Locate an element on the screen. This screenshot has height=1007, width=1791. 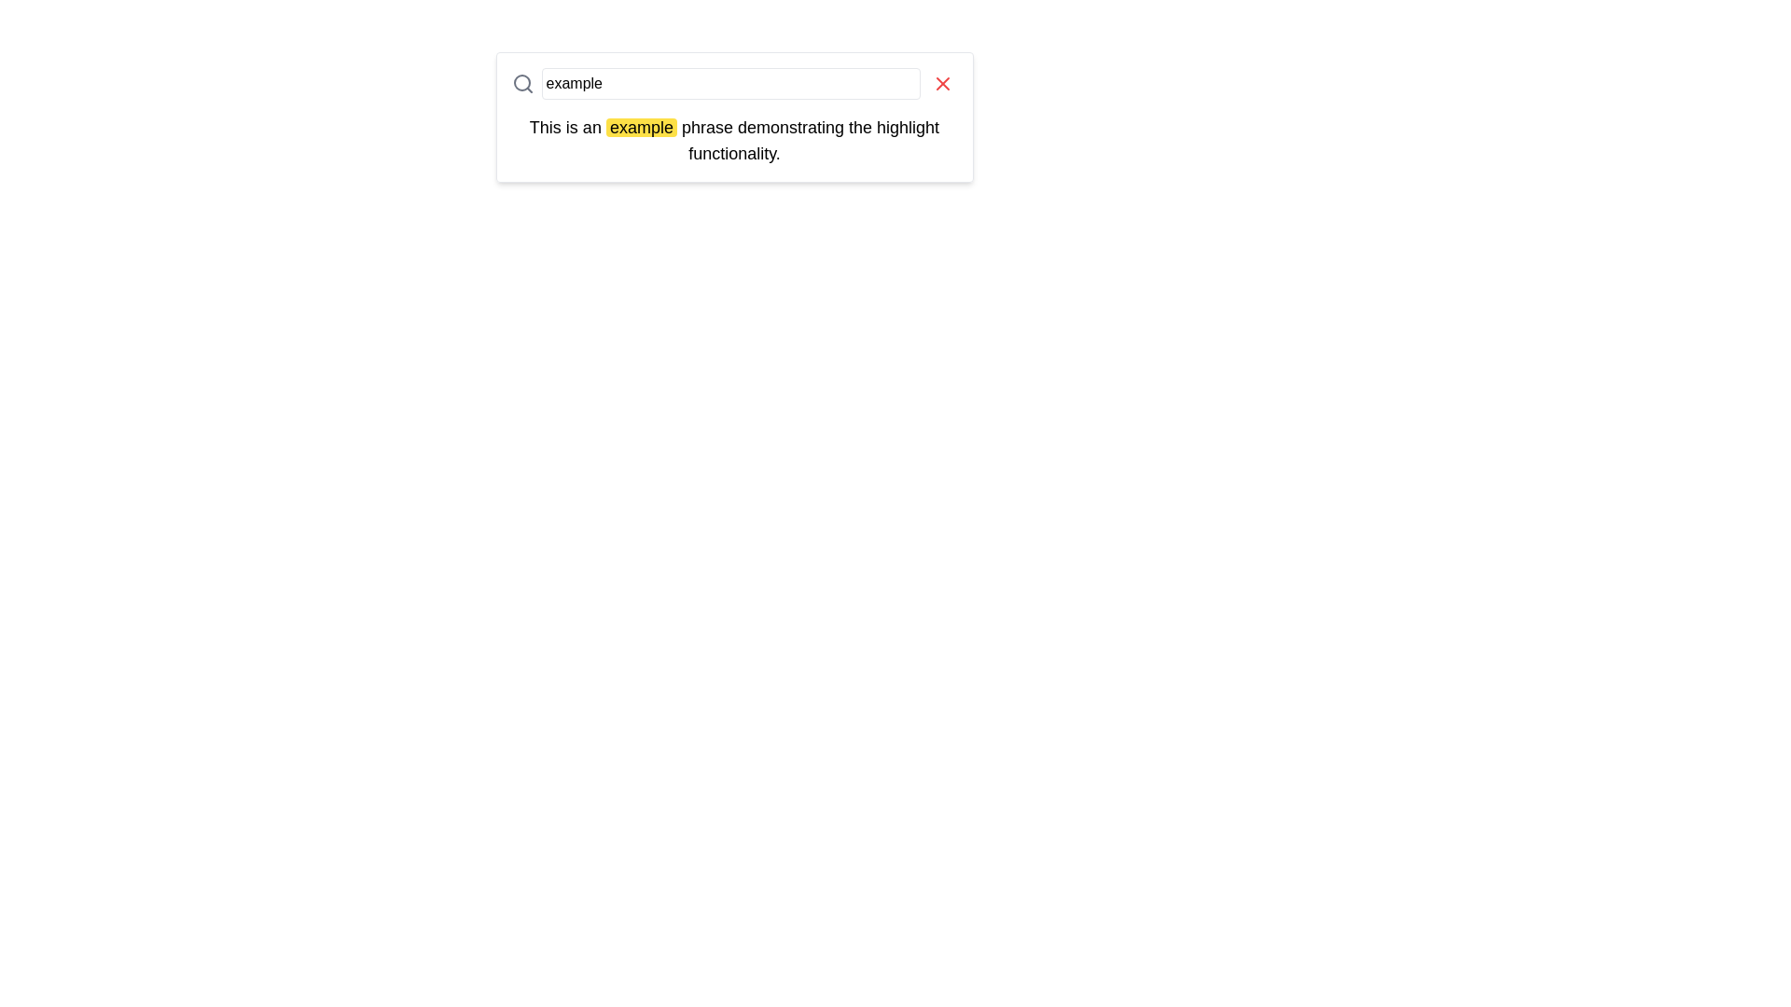
the clear icon (SVG graphics of a cross symbol) located in the upper-right corner of the white search bar is located at coordinates (942, 82).